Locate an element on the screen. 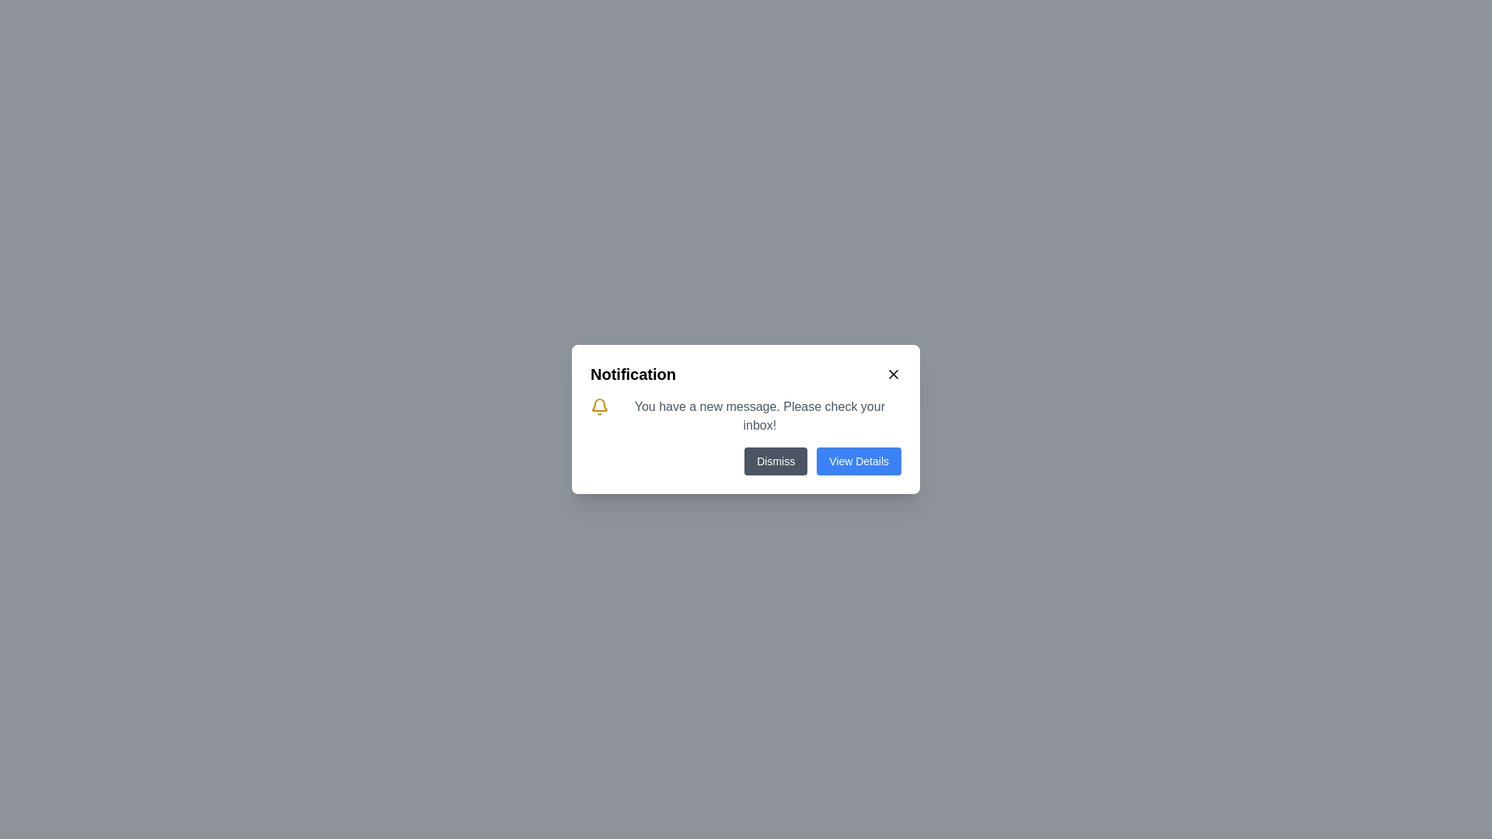 The height and width of the screenshot is (839, 1492). the close icon button in the shape of an 'X' located at the top right corner of the notification panel is located at coordinates (894, 374).